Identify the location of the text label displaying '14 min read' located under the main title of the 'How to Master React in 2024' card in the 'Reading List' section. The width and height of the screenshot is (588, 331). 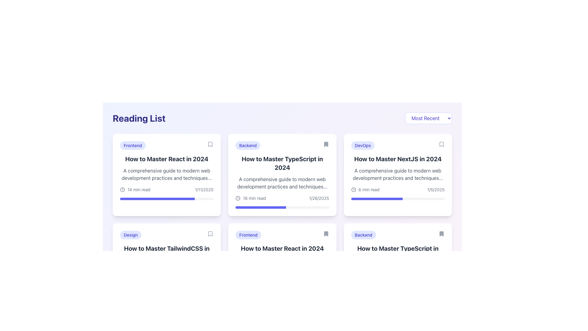
(138, 189).